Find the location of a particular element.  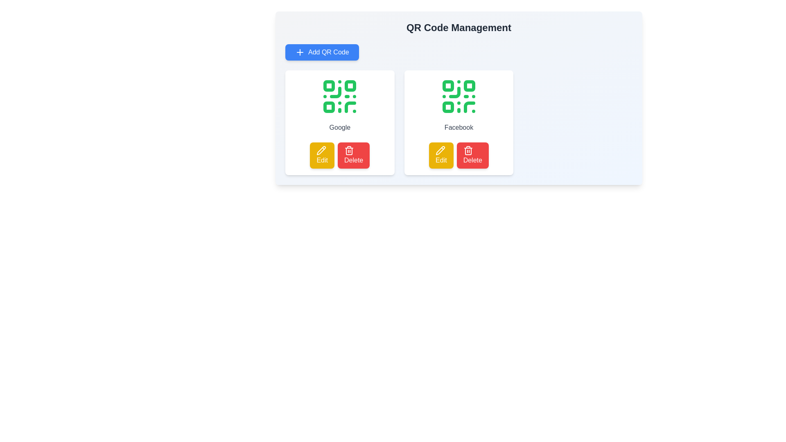

the 'Add QR Code' button located below the 'QR Code Management' heading is located at coordinates (321, 52).